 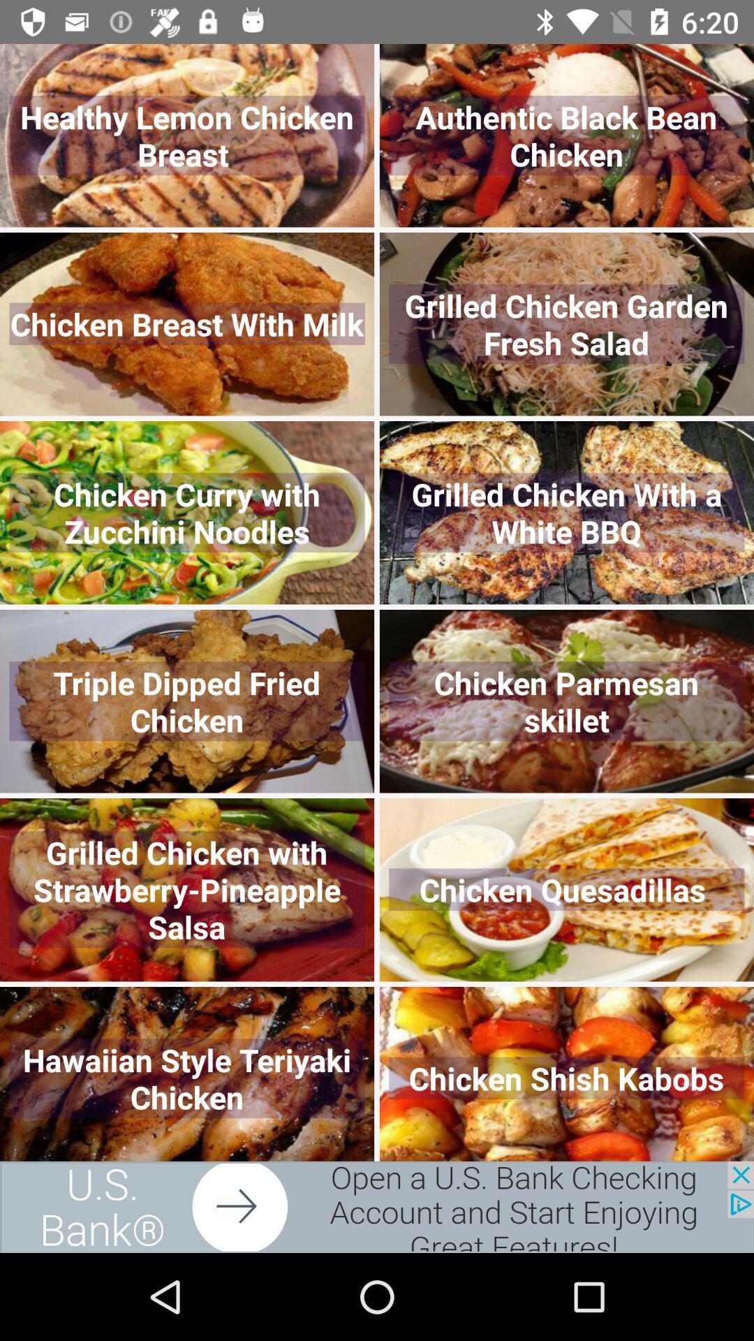 I want to click on next, so click(x=377, y=1206).